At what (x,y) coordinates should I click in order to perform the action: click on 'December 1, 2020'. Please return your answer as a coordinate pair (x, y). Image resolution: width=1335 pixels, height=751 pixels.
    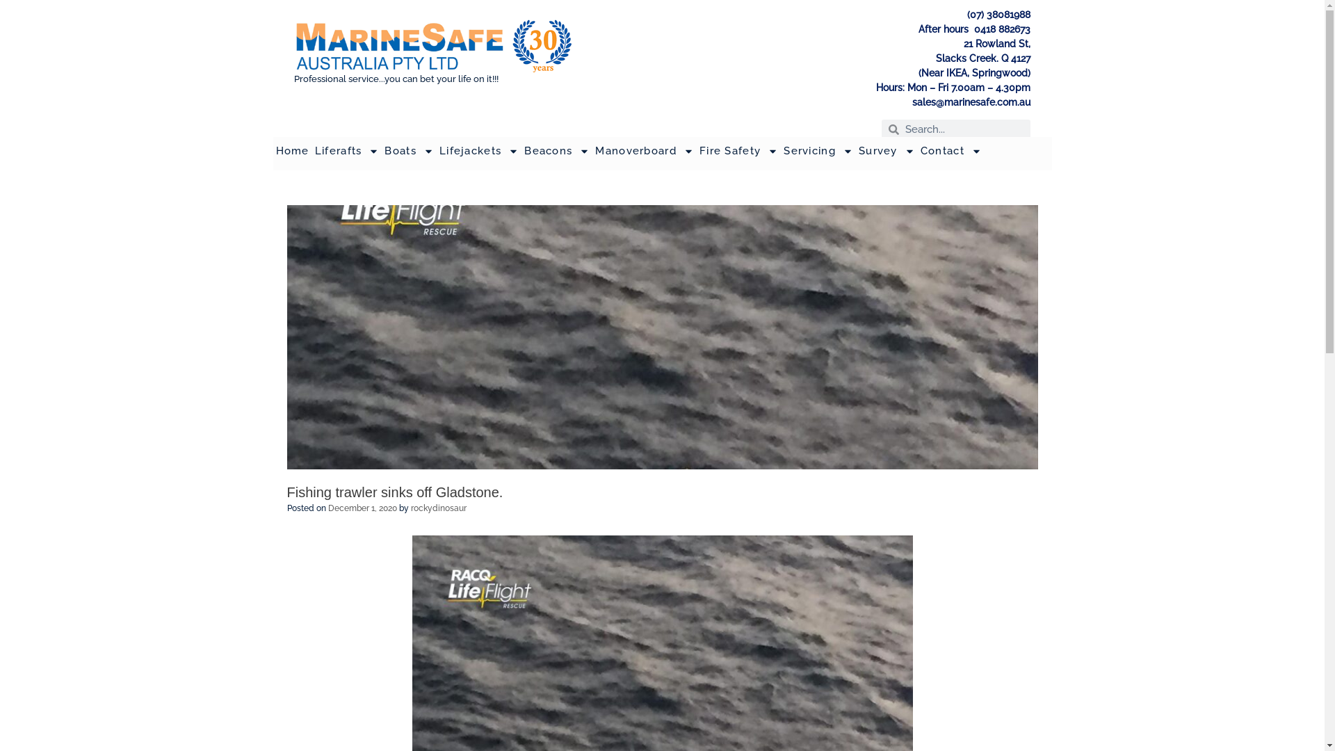
    Looking at the image, I should click on (362, 508).